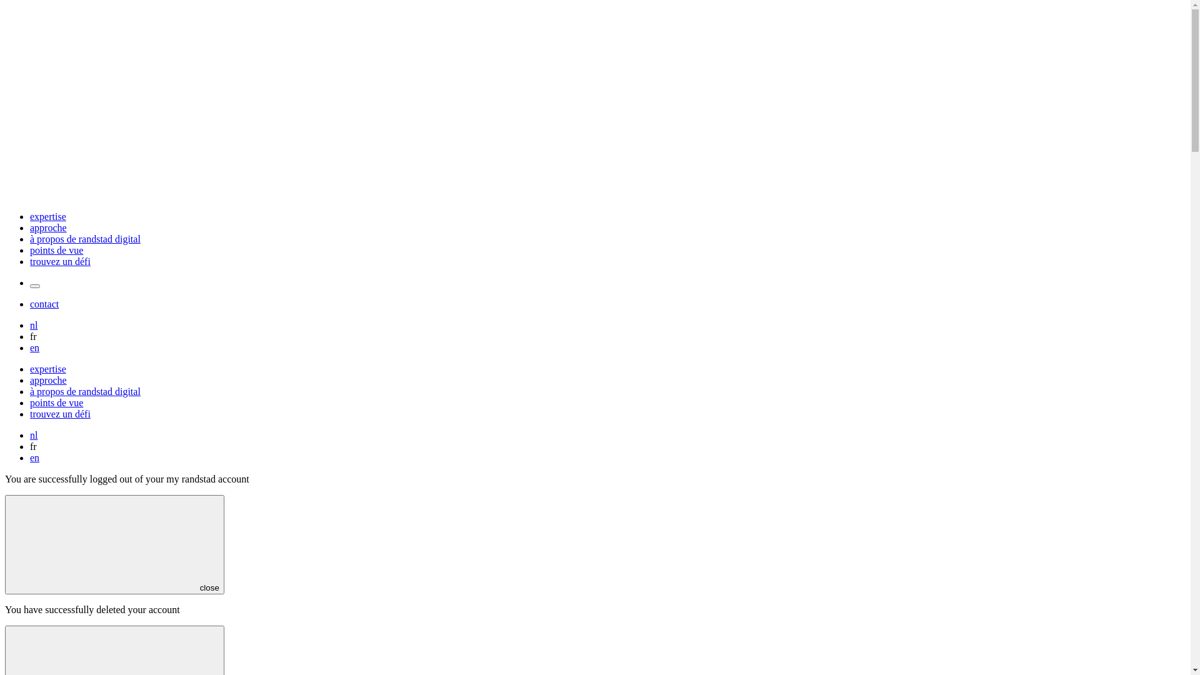 This screenshot has width=1200, height=675. I want to click on 'nl', so click(33, 324).